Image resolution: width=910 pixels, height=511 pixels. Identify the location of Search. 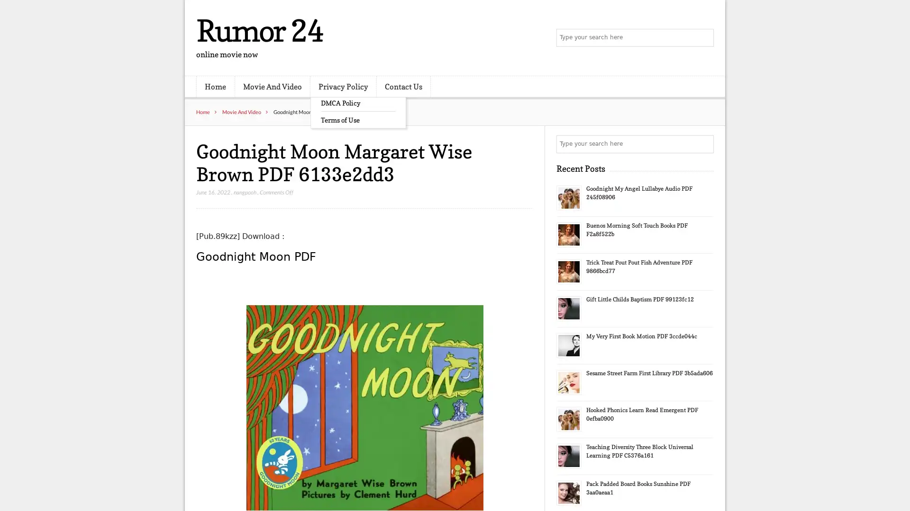
(704, 144).